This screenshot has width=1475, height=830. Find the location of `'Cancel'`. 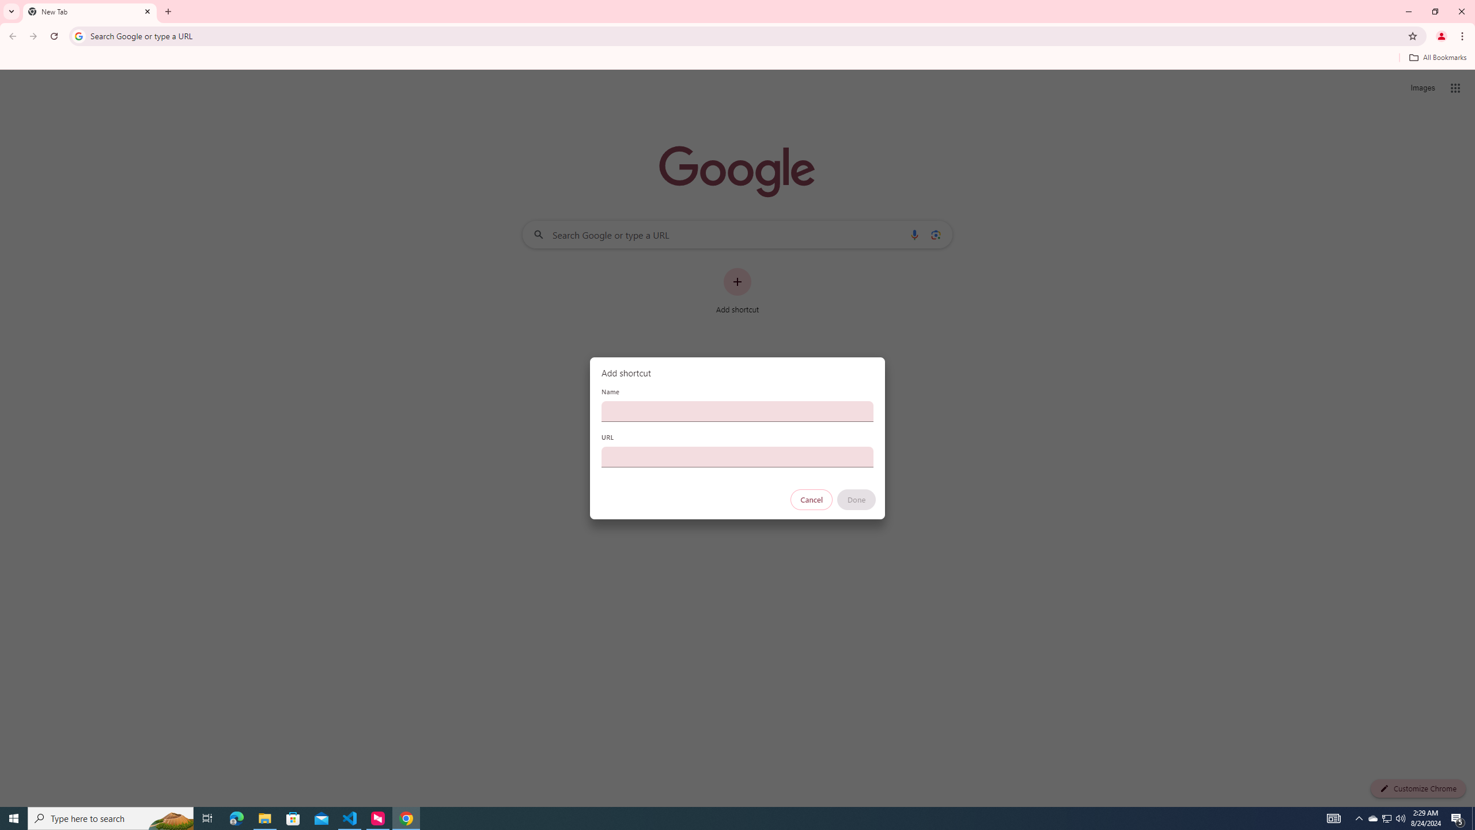

'Cancel' is located at coordinates (812, 499).